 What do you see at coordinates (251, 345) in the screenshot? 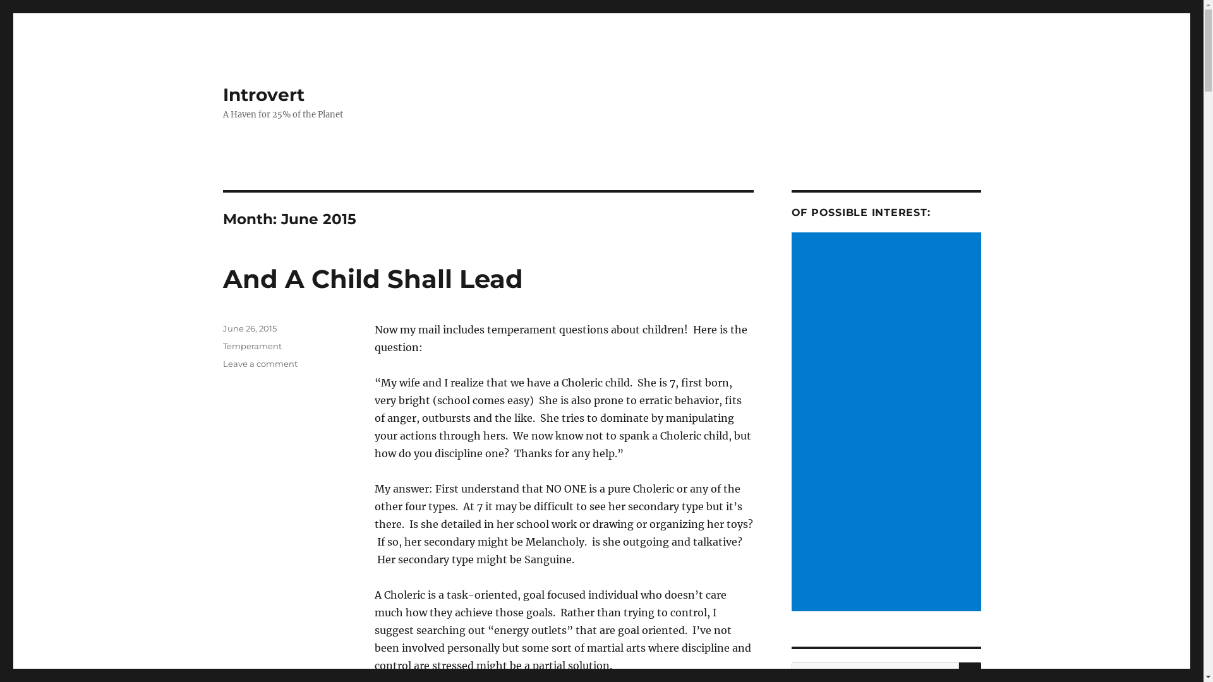
I see `'Temperament'` at bounding box center [251, 345].